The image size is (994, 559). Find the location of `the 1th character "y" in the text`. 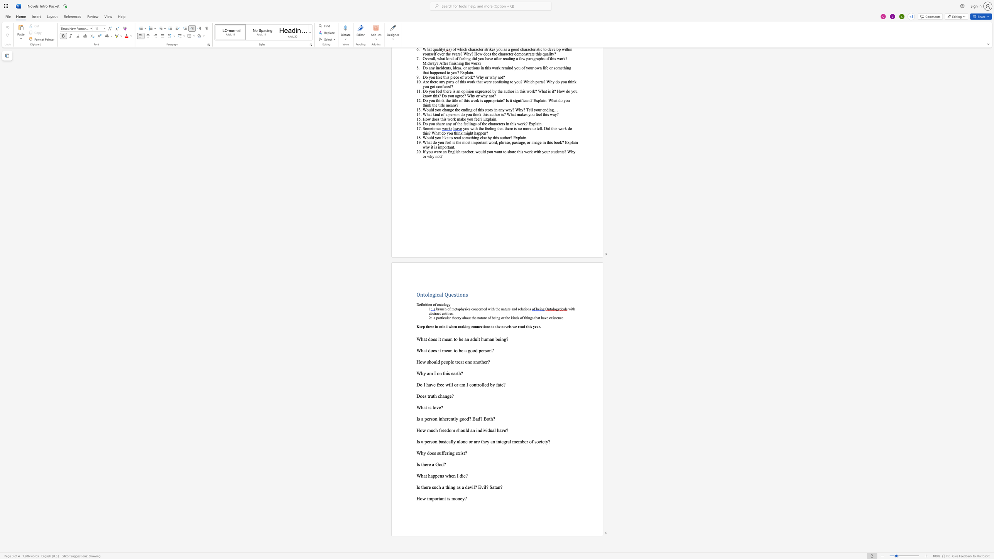

the 1th character "y" in the text is located at coordinates (424, 373).